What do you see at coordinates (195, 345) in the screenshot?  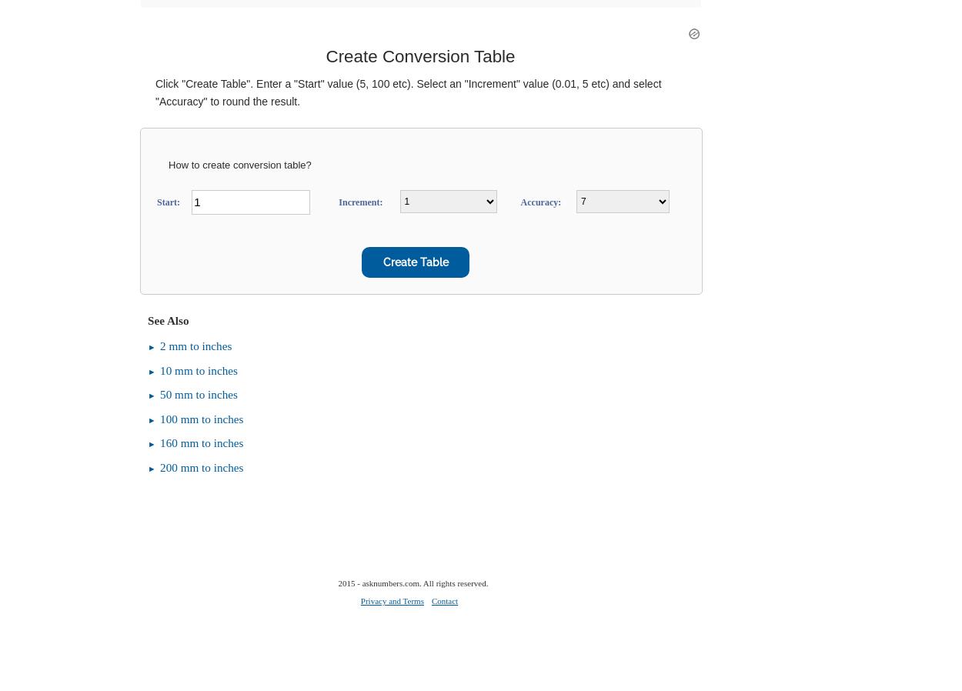 I see `'2 mm to inches'` at bounding box center [195, 345].